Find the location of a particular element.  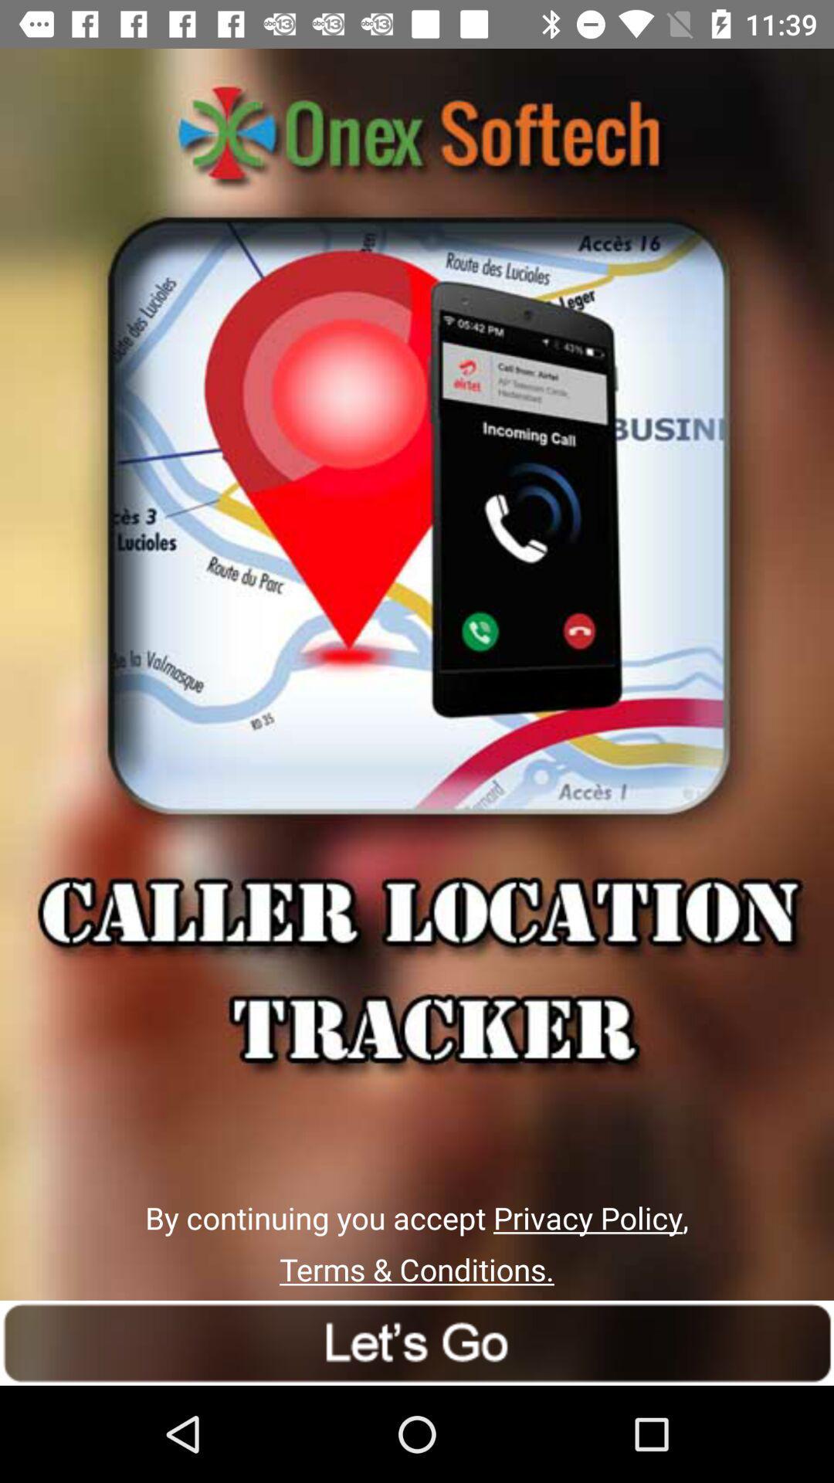

go option is located at coordinates (417, 1342).